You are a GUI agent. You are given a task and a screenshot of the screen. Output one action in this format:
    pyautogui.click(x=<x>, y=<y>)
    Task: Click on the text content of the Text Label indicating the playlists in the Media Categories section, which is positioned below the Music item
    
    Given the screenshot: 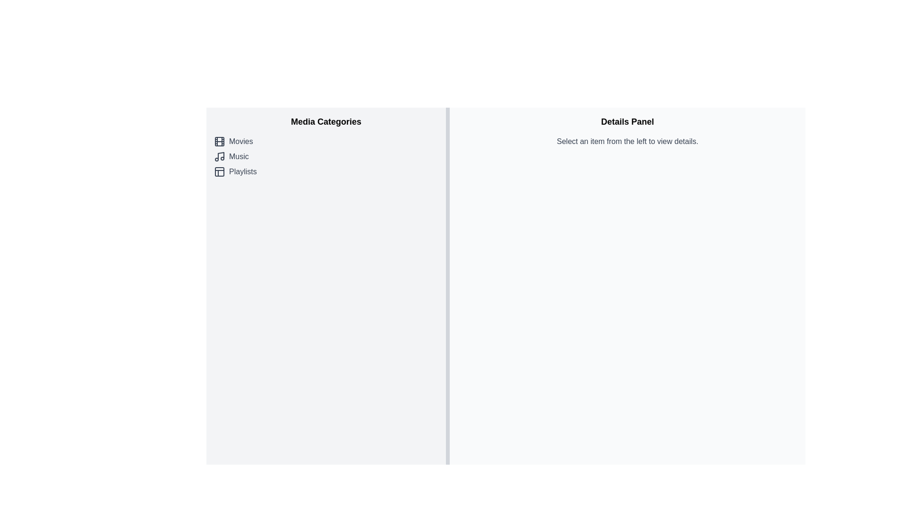 What is the action you would take?
    pyautogui.click(x=243, y=171)
    